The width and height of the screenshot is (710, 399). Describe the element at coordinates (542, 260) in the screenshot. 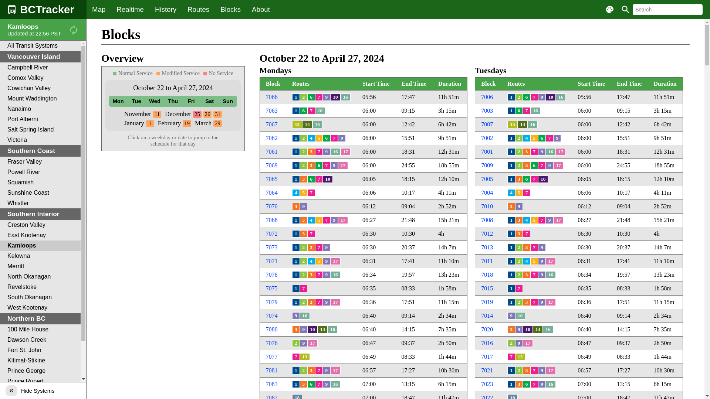

I see `'9'` at that location.